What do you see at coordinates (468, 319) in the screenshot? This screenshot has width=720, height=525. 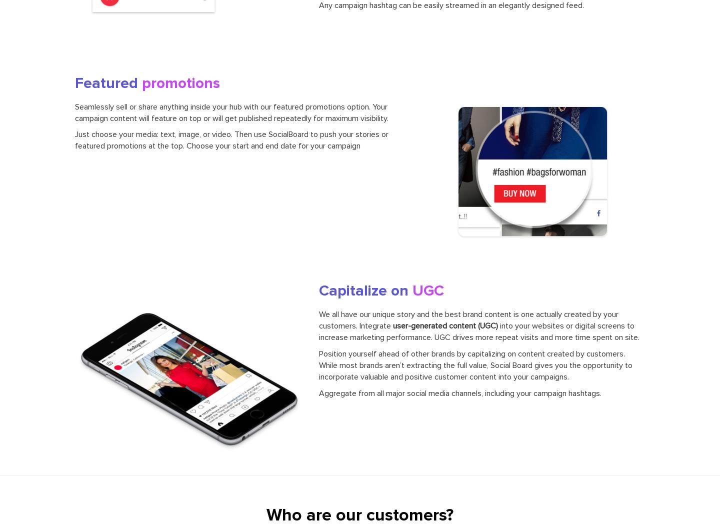 I see `'We all have our unique story and the best brand content is one actually created by your customers. Integrate'` at bounding box center [468, 319].